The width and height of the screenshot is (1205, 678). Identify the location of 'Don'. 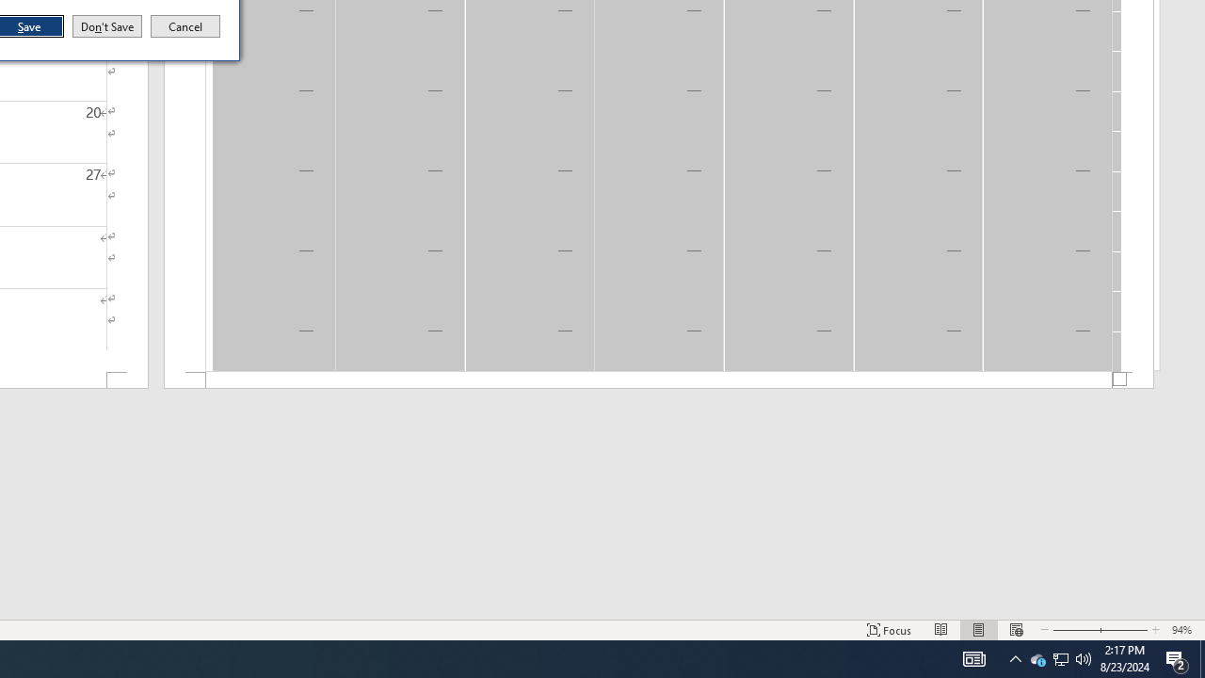
(105, 26).